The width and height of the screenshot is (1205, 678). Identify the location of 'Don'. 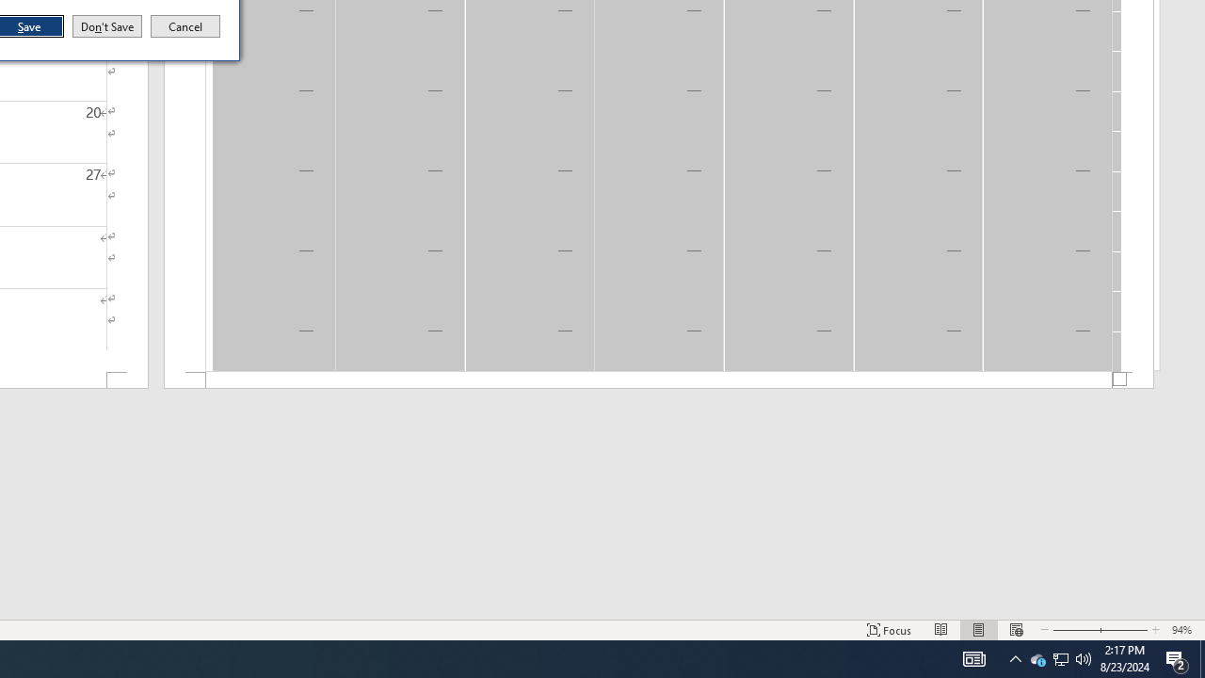
(105, 26).